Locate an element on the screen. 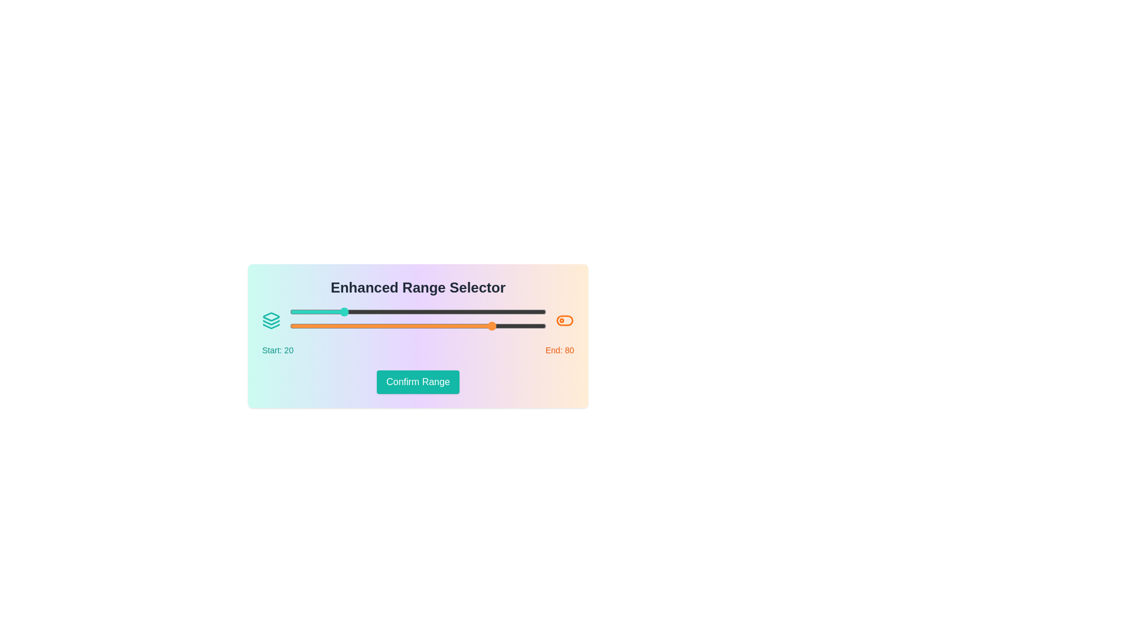  the slider value is located at coordinates (343, 326).